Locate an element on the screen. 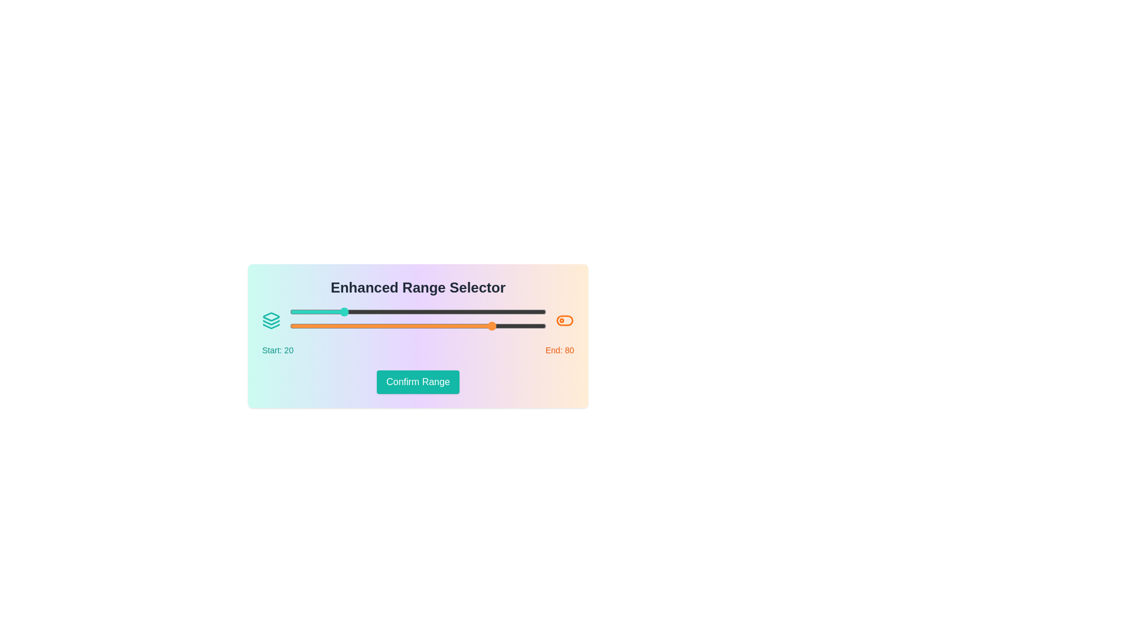  the slider value is located at coordinates (343, 326).